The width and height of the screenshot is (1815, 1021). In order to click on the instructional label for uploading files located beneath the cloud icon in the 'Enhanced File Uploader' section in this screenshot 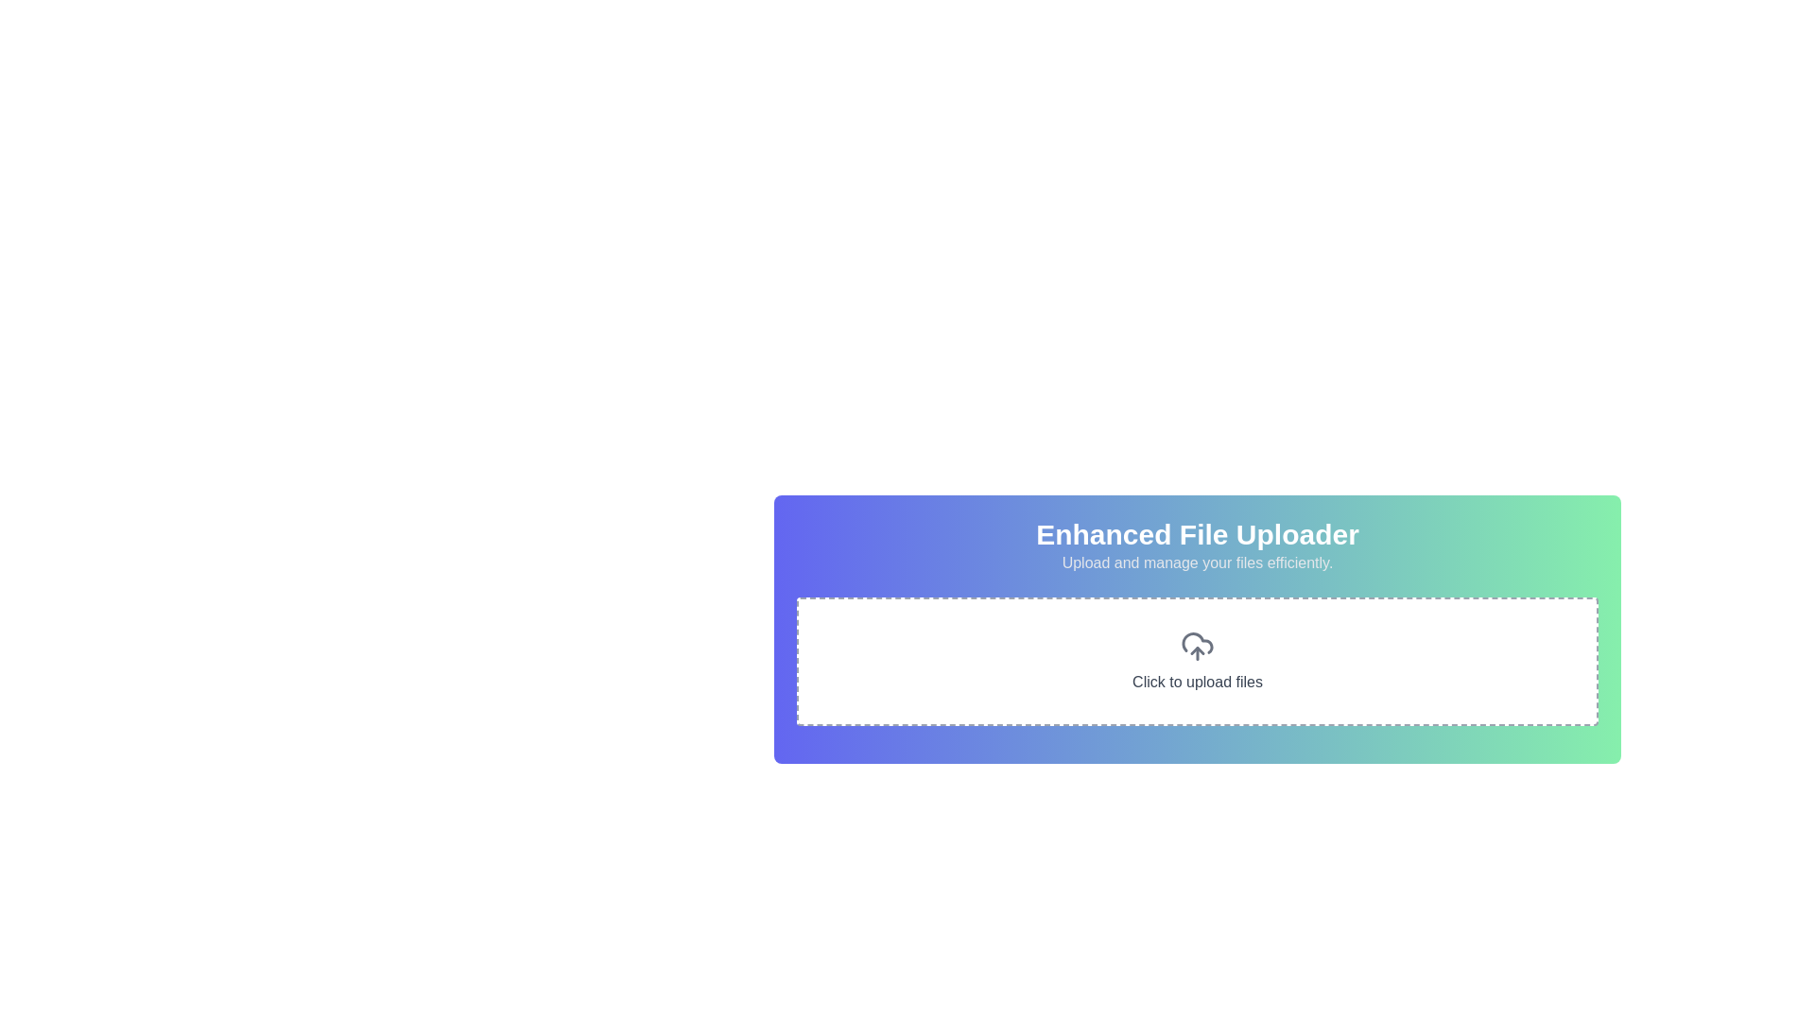, I will do `click(1197, 682)`.